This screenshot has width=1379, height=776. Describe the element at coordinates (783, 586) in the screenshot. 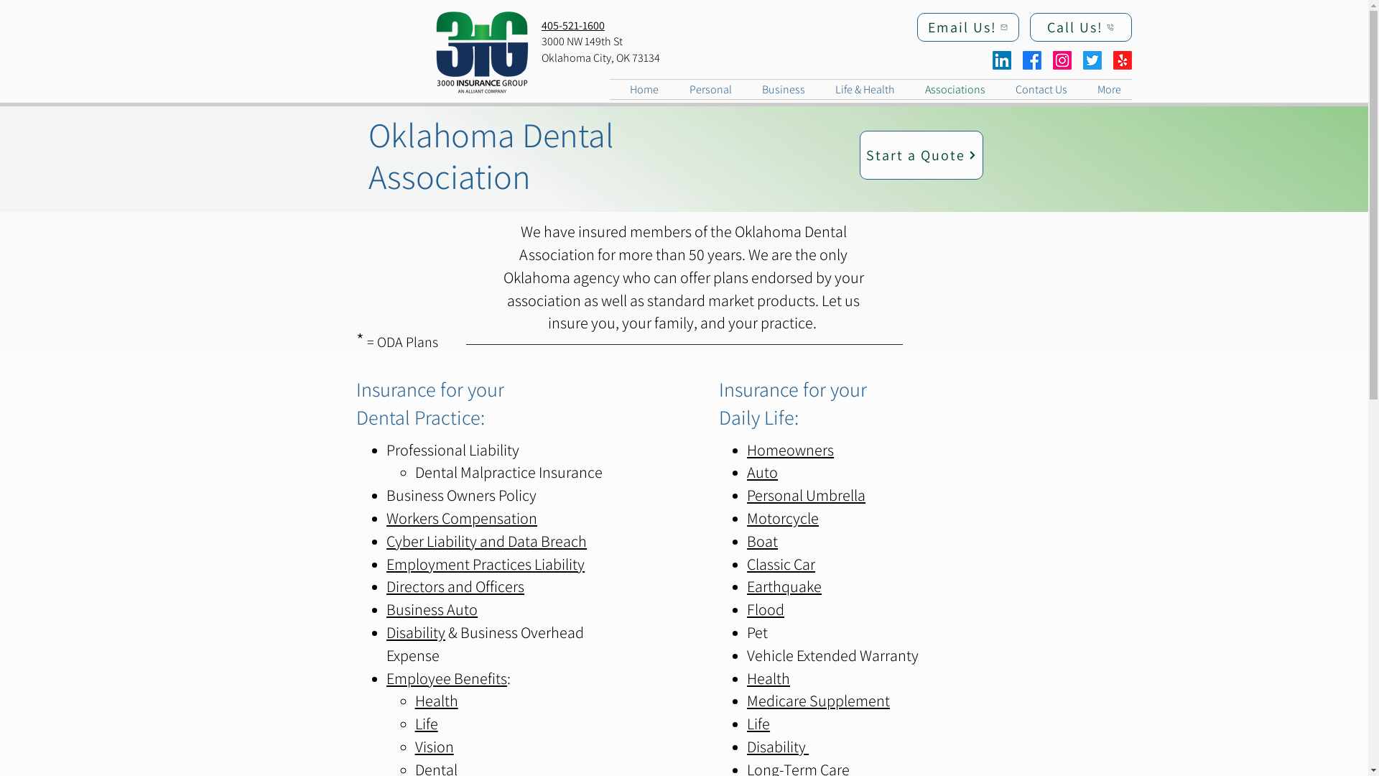

I see `'Earthquake'` at that location.